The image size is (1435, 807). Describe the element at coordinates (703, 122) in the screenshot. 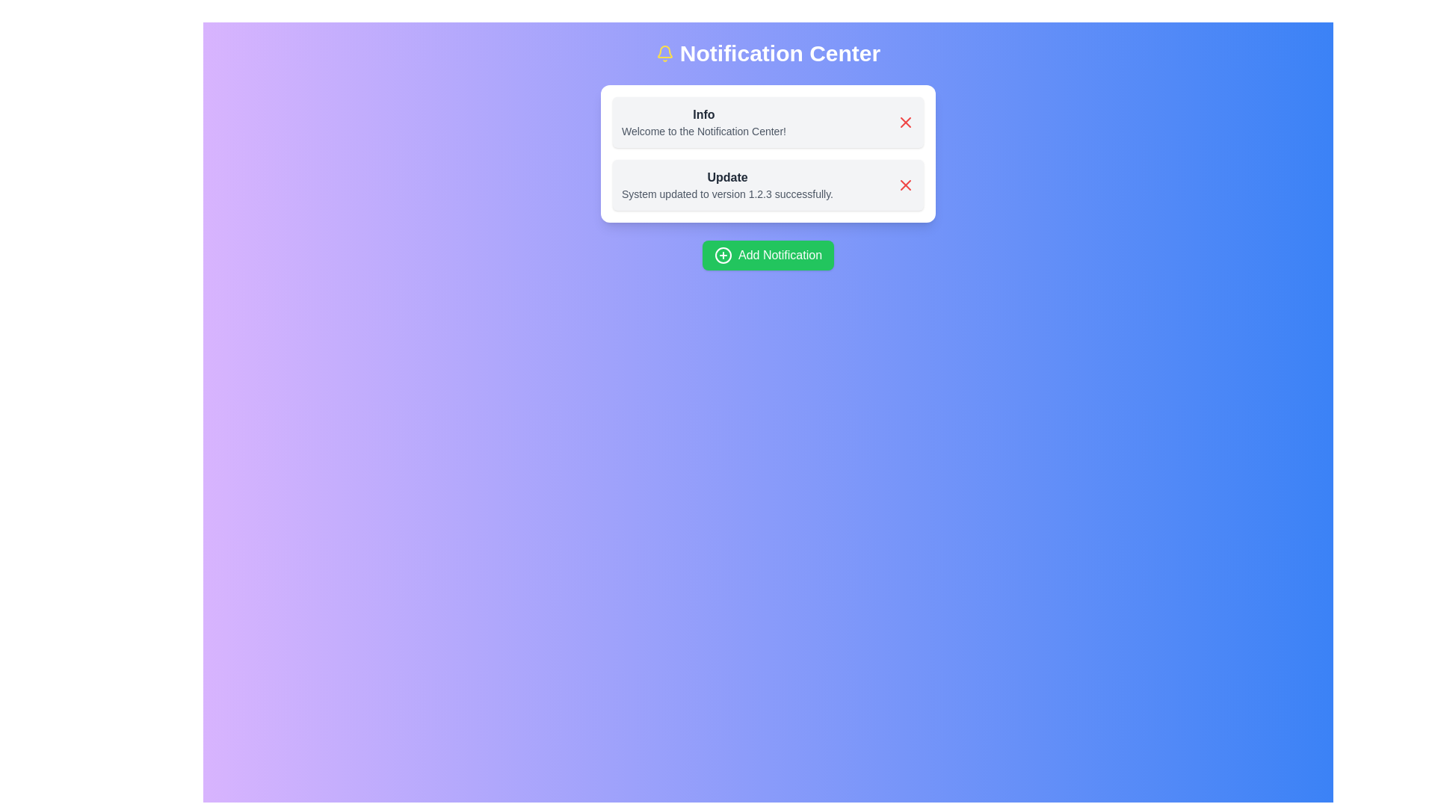

I see `the informational label titled 'Info' with the description 'Welcome to the Notification Center!' located in the upper part of the interface` at that location.